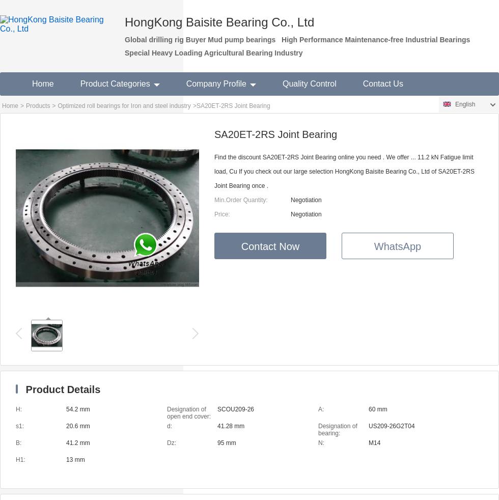  Describe the element at coordinates (200, 39) in the screenshot. I see `'Global drilling rig Buyer Mud pump bearings'` at that location.